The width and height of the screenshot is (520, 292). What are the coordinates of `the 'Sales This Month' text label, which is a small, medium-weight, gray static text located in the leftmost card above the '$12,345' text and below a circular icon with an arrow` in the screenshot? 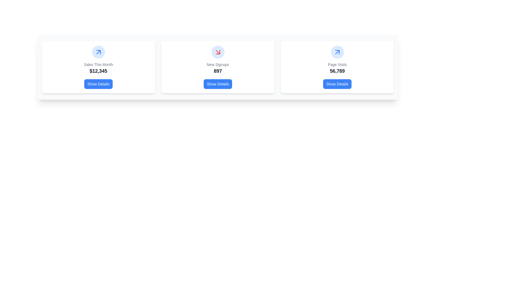 It's located at (98, 64).